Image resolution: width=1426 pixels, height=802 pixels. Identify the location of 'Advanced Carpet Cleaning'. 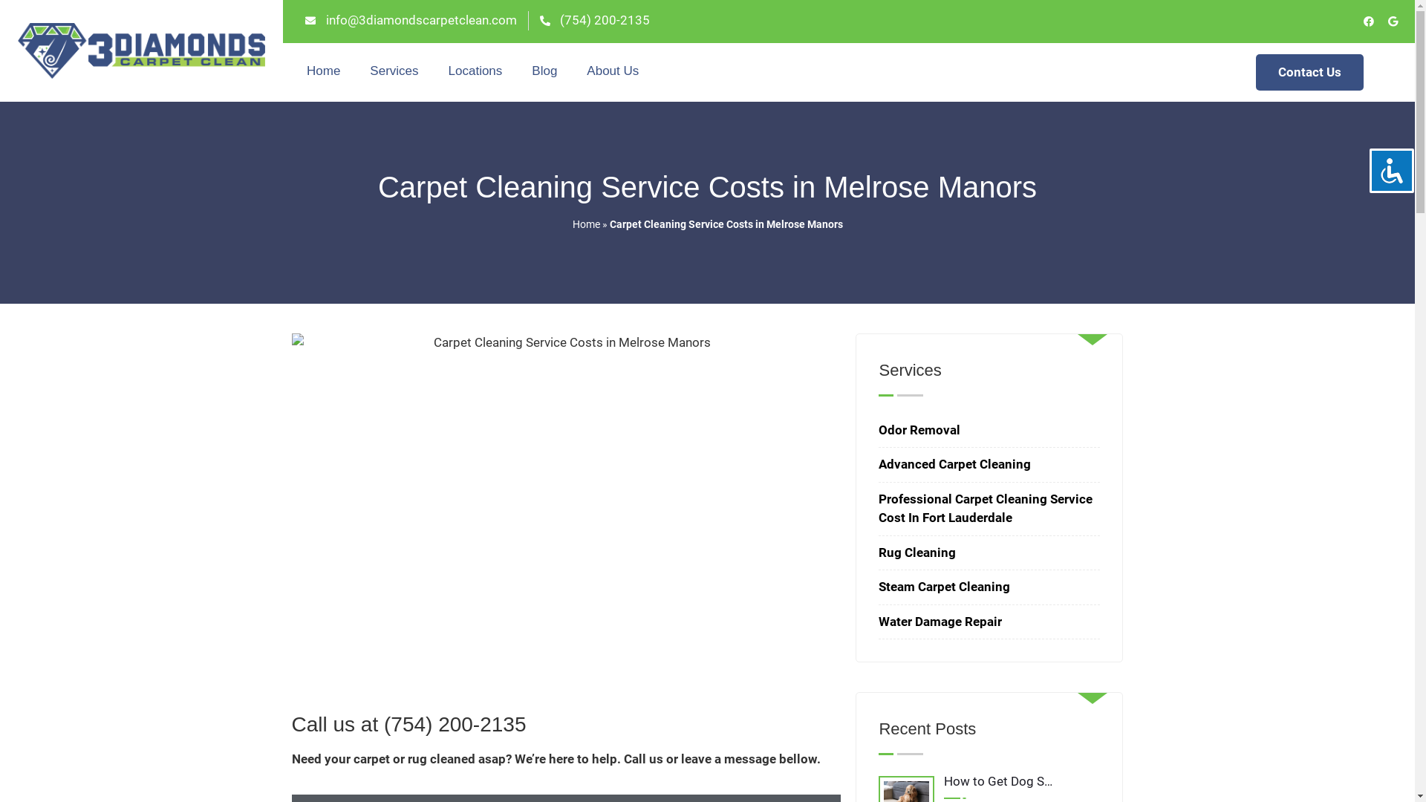
(954, 463).